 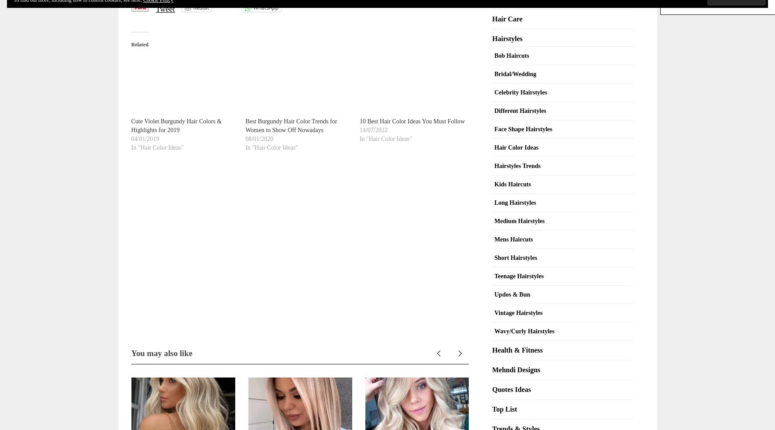 I want to click on 'Quotes Ideas', so click(x=511, y=389).